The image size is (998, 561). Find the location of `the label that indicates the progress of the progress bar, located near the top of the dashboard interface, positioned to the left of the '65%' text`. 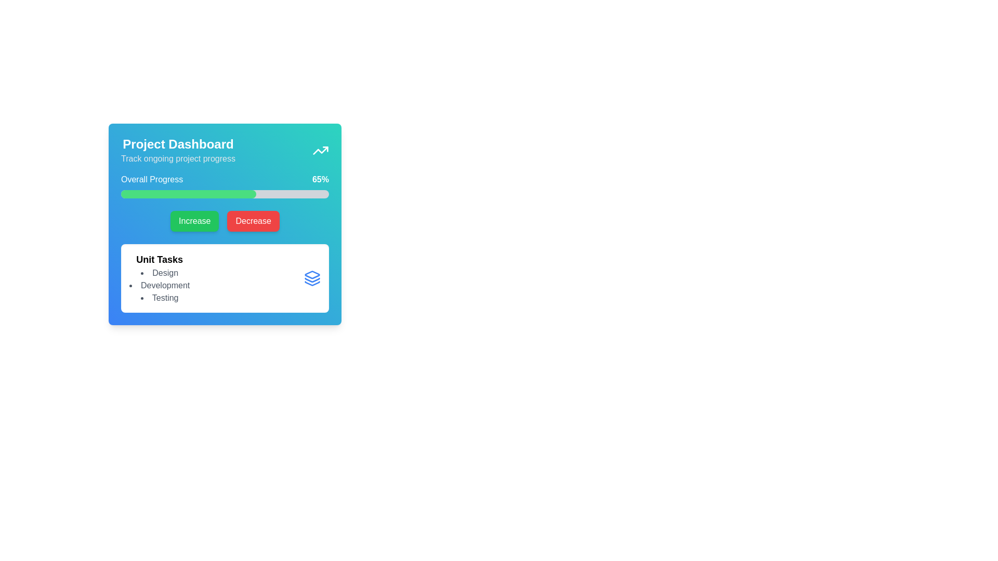

the label that indicates the progress of the progress bar, located near the top of the dashboard interface, positioned to the left of the '65%' text is located at coordinates (151, 179).